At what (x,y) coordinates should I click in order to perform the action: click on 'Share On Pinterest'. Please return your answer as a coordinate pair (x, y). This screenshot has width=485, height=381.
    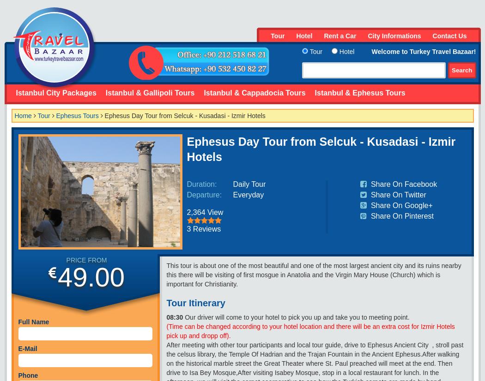
    Looking at the image, I should click on (368, 215).